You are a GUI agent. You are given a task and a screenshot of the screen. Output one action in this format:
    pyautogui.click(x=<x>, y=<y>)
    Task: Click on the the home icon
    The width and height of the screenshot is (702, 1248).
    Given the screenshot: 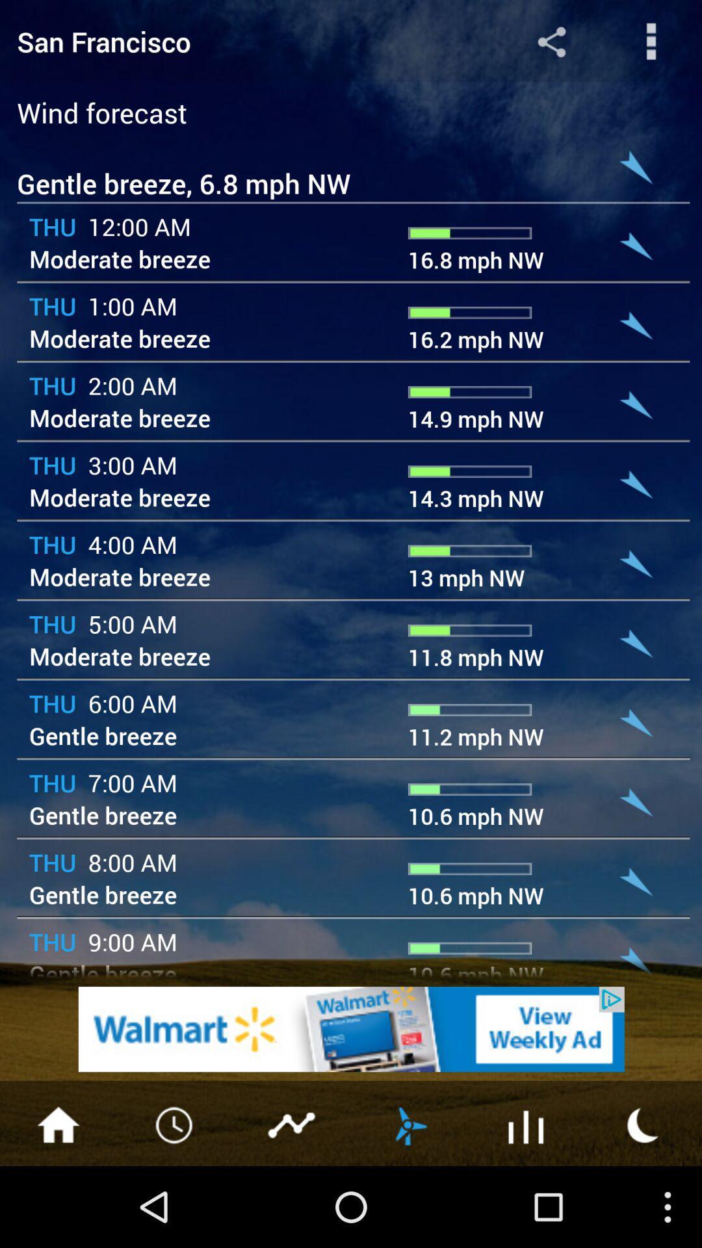 What is the action you would take?
    pyautogui.click(x=57, y=1202)
    